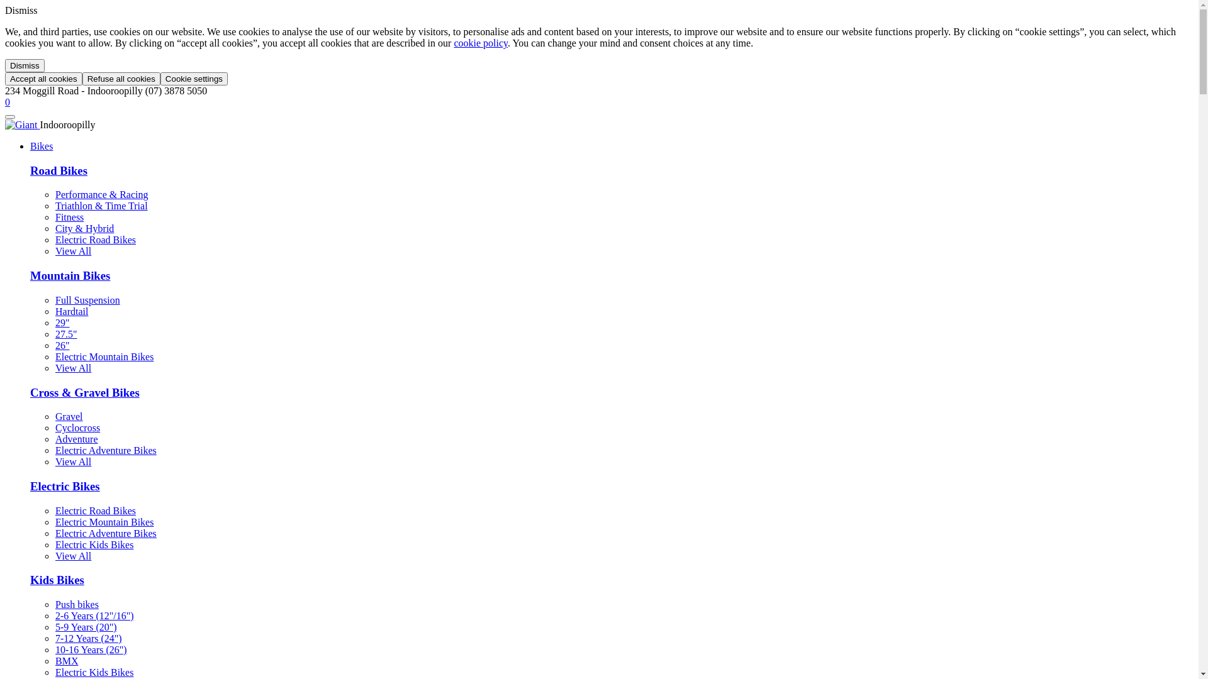 This screenshot has height=679, width=1208. I want to click on 'View All', so click(72, 461).